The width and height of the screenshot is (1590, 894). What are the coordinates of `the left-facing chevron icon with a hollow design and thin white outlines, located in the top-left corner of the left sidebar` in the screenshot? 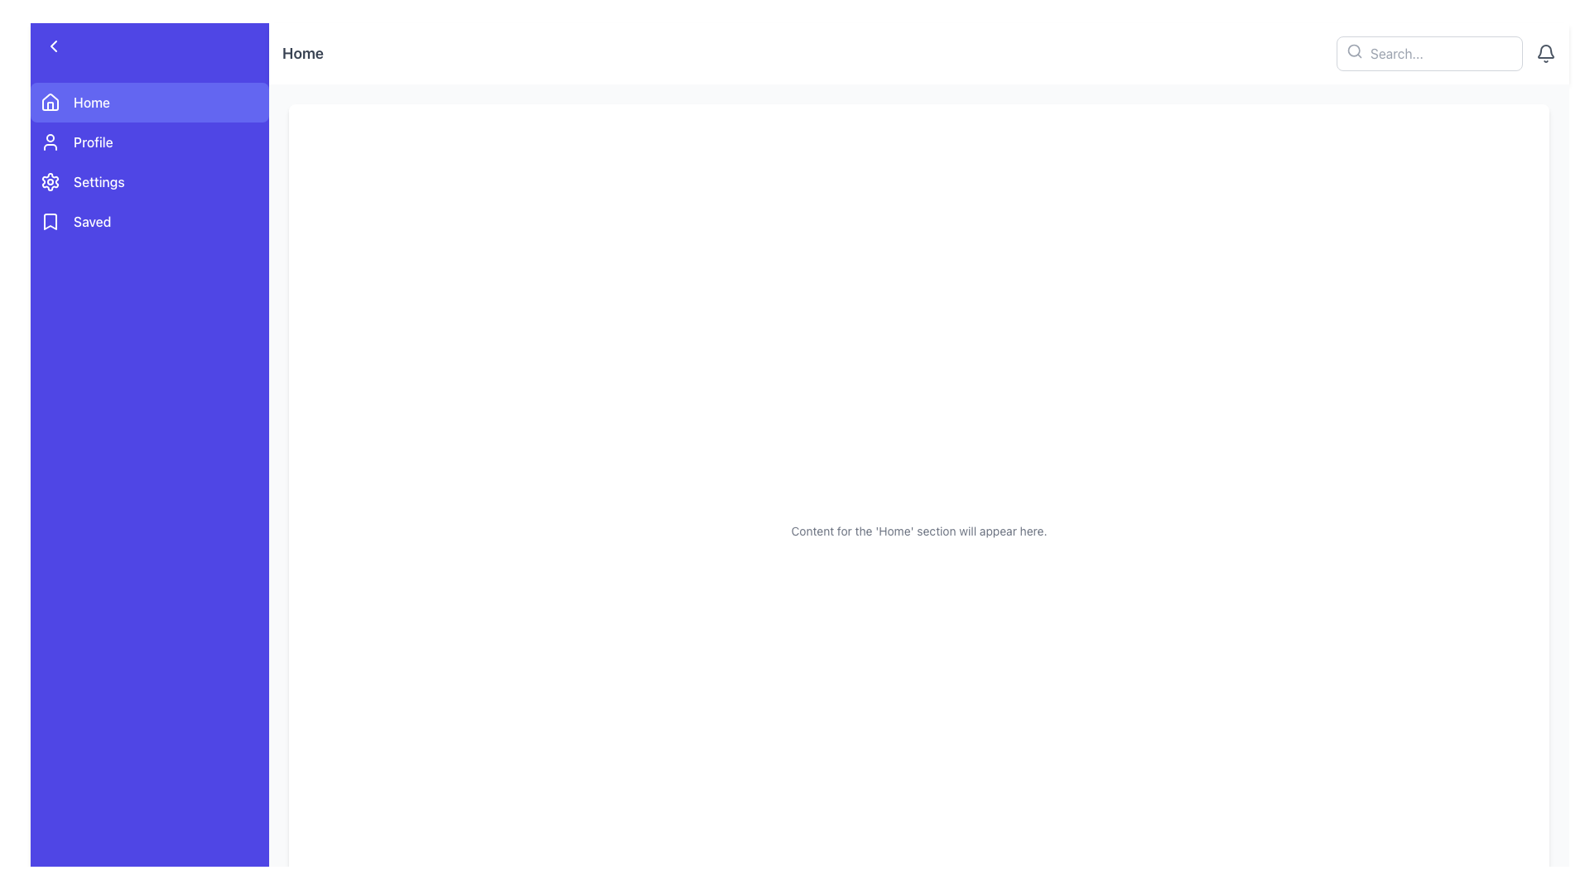 It's located at (54, 46).